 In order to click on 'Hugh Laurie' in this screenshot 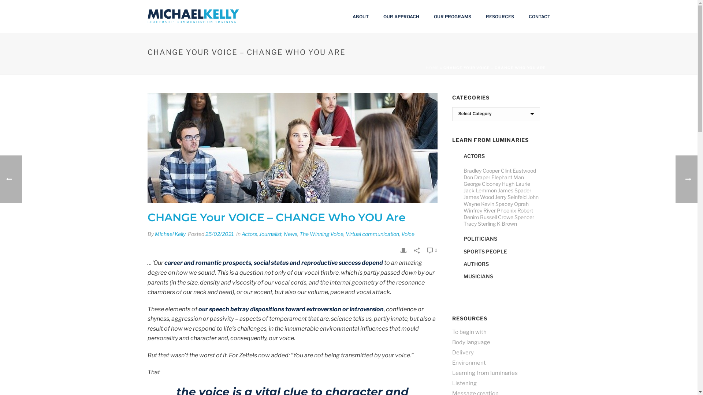, I will do `click(515, 183)`.